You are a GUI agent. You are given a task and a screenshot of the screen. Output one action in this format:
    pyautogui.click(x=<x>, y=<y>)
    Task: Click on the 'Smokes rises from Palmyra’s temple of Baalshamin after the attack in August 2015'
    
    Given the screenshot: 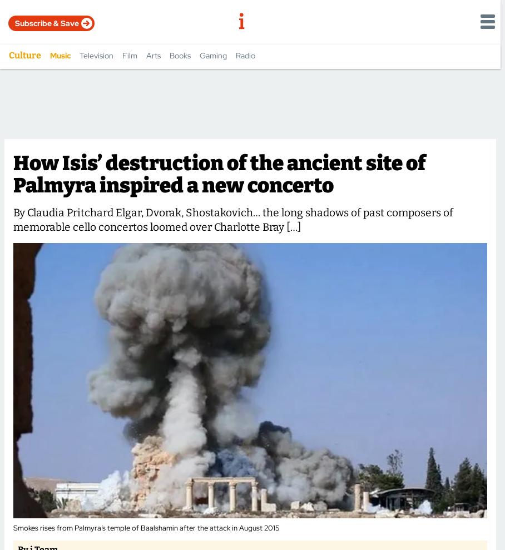 What is the action you would take?
    pyautogui.click(x=145, y=527)
    